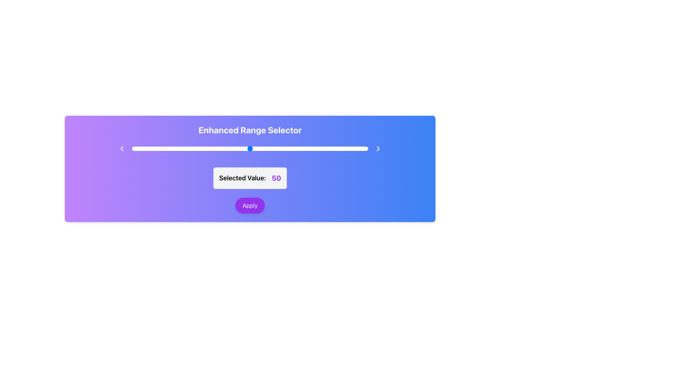 The image size is (691, 388). Describe the element at coordinates (250, 205) in the screenshot. I see `the button located below the 'Selected Value: 50' label to observe the hover effects` at that location.